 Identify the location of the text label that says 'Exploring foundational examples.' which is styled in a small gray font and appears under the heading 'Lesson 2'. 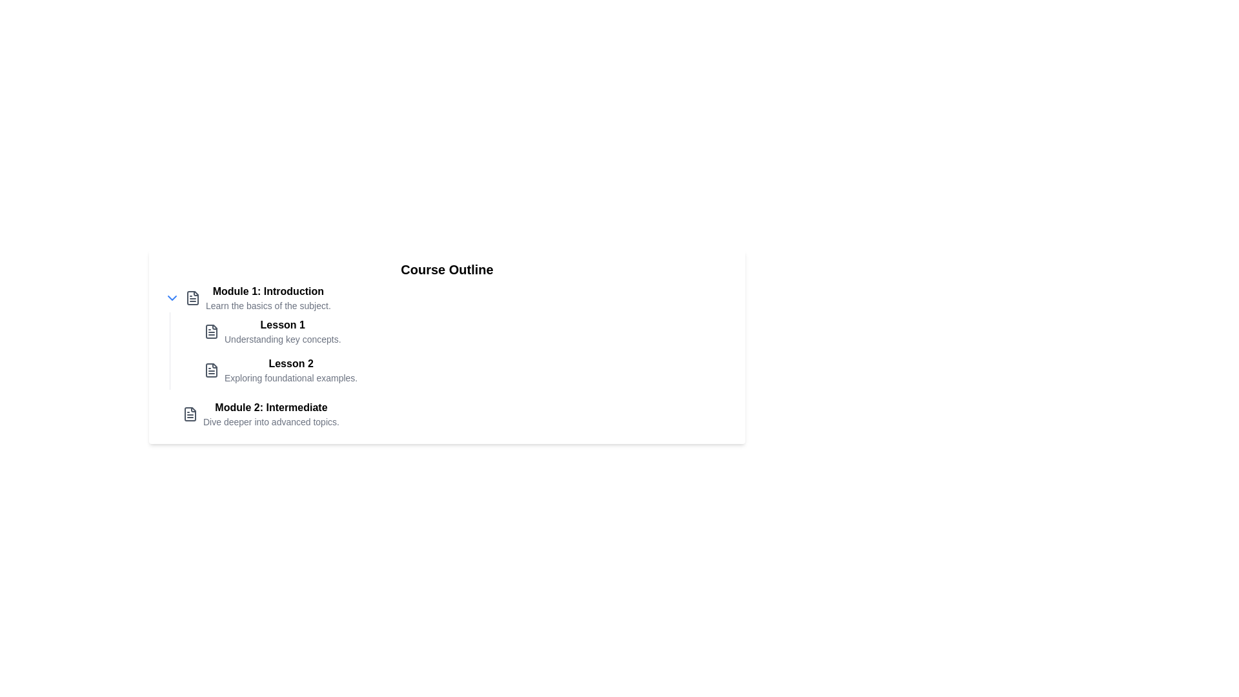
(290, 378).